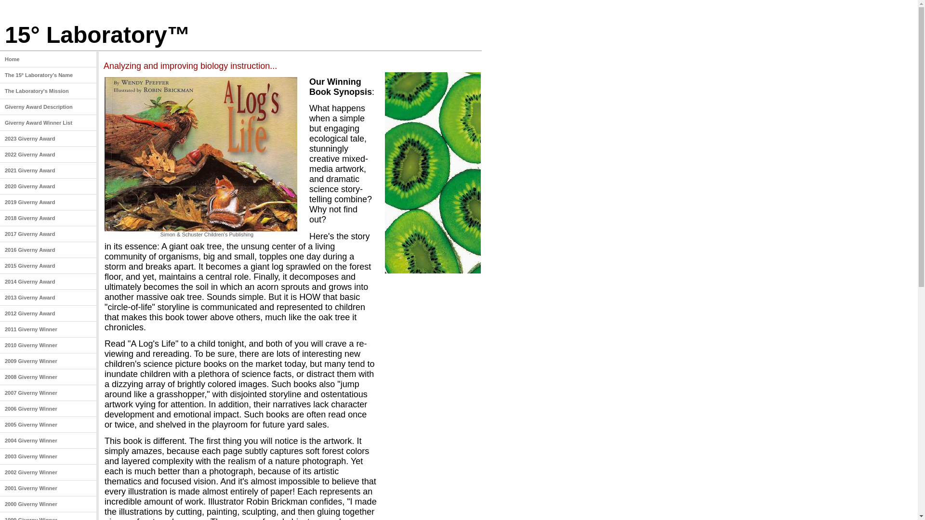 The height and width of the screenshot is (520, 925). I want to click on '2003 Giverny Winner', so click(48, 456).